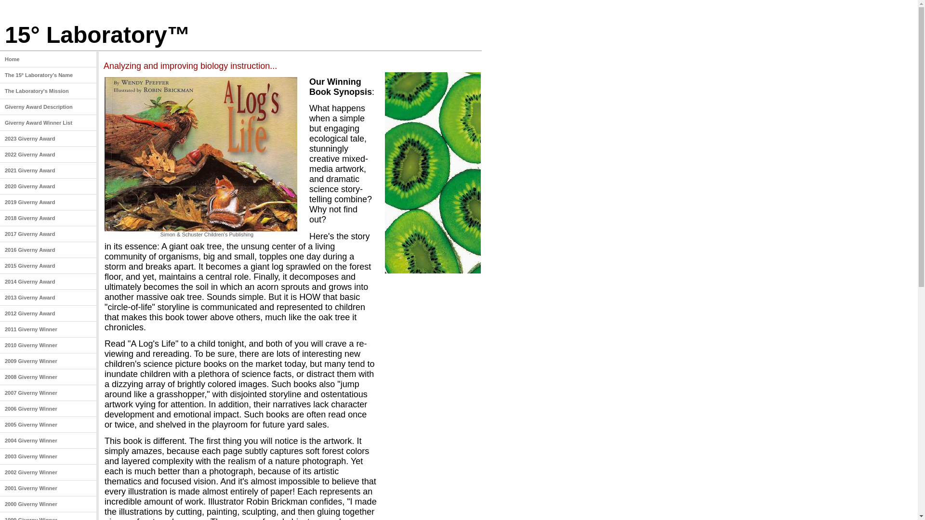 The height and width of the screenshot is (520, 925). I want to click on '2003 Giverny Winner', so click(48, 456).